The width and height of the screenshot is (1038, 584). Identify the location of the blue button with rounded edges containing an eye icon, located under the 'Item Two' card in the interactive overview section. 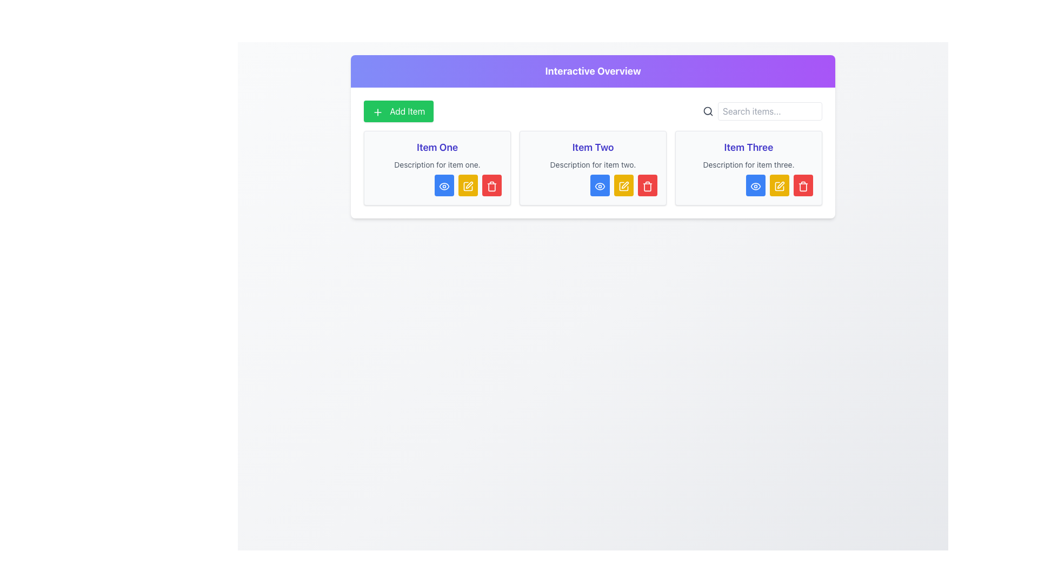
(599, 185).